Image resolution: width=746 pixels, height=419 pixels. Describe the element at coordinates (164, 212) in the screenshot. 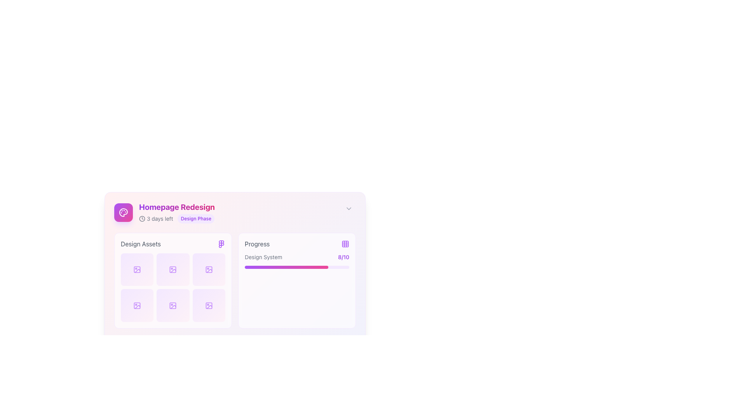

I see `the informational display component for the project 'Homepage Redesign' to interact with its sub-component` at that location.